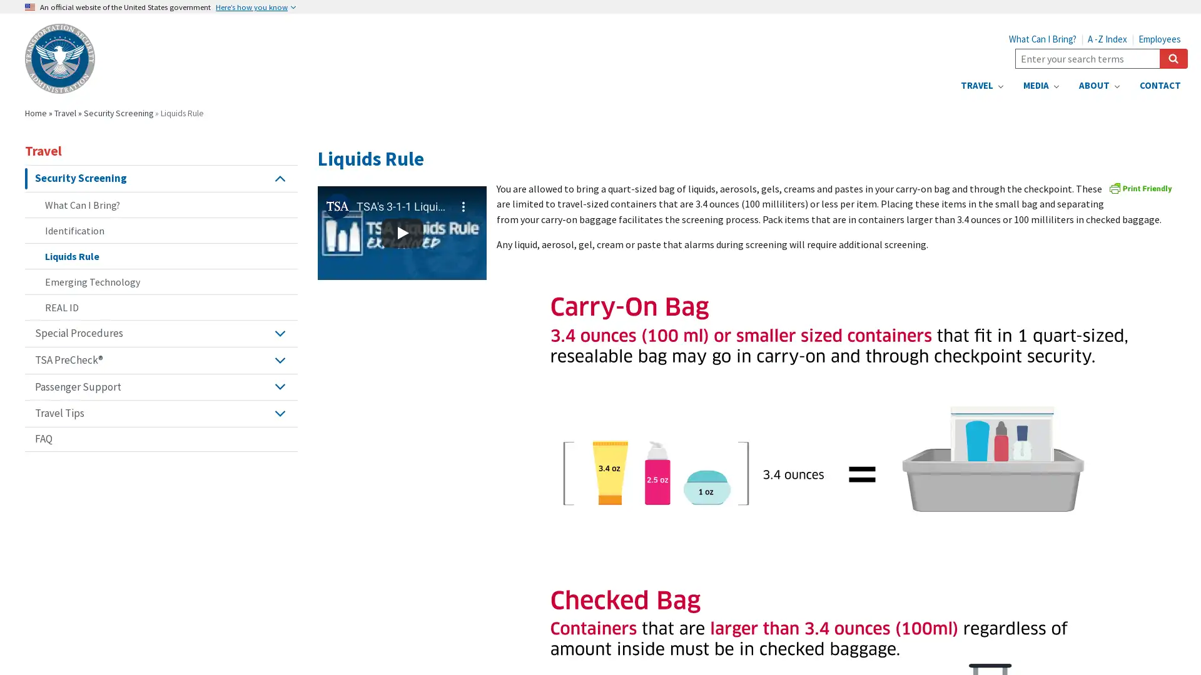  Describe the element at coordinates (279, 359) in the screenshot. I see `Toggle submenu for 'TSA PreCheck'` at that location.